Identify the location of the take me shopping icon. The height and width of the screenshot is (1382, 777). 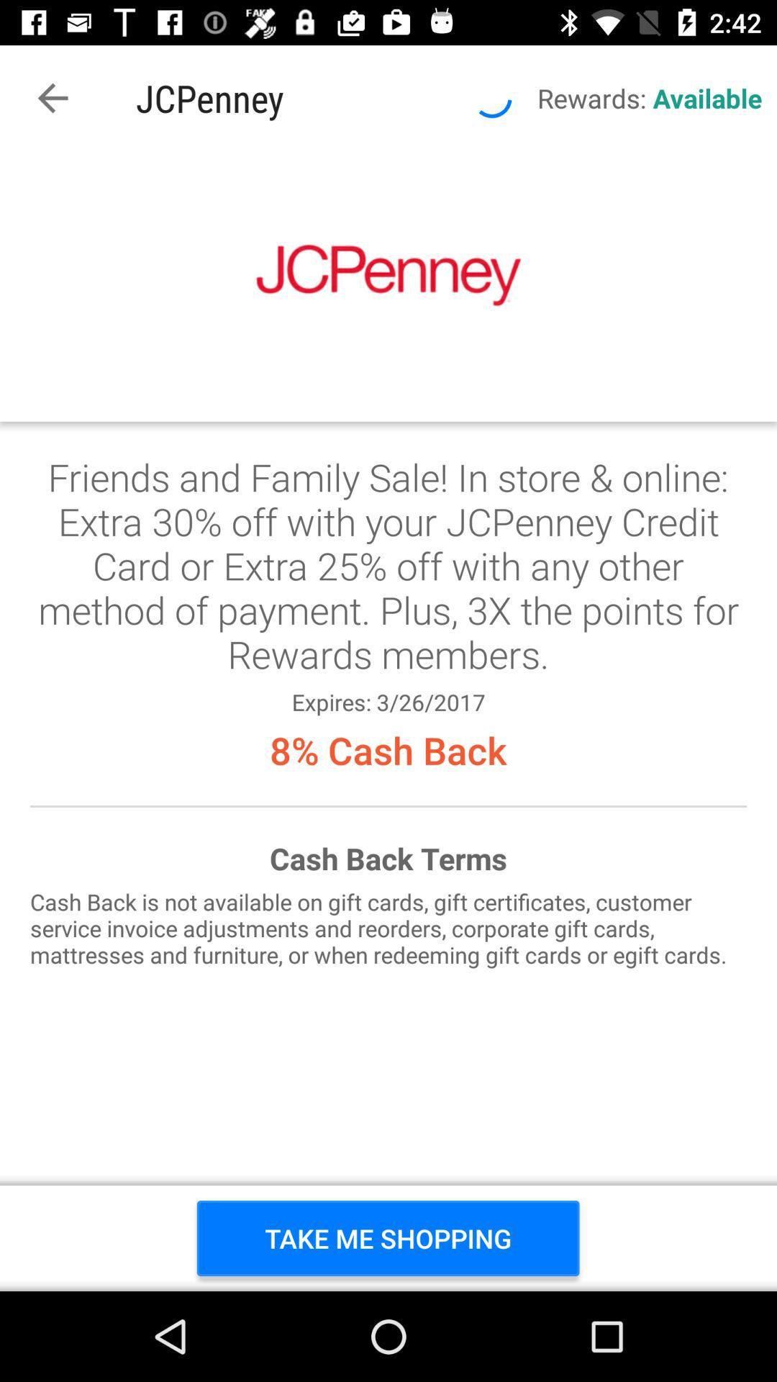
(387, 1237).